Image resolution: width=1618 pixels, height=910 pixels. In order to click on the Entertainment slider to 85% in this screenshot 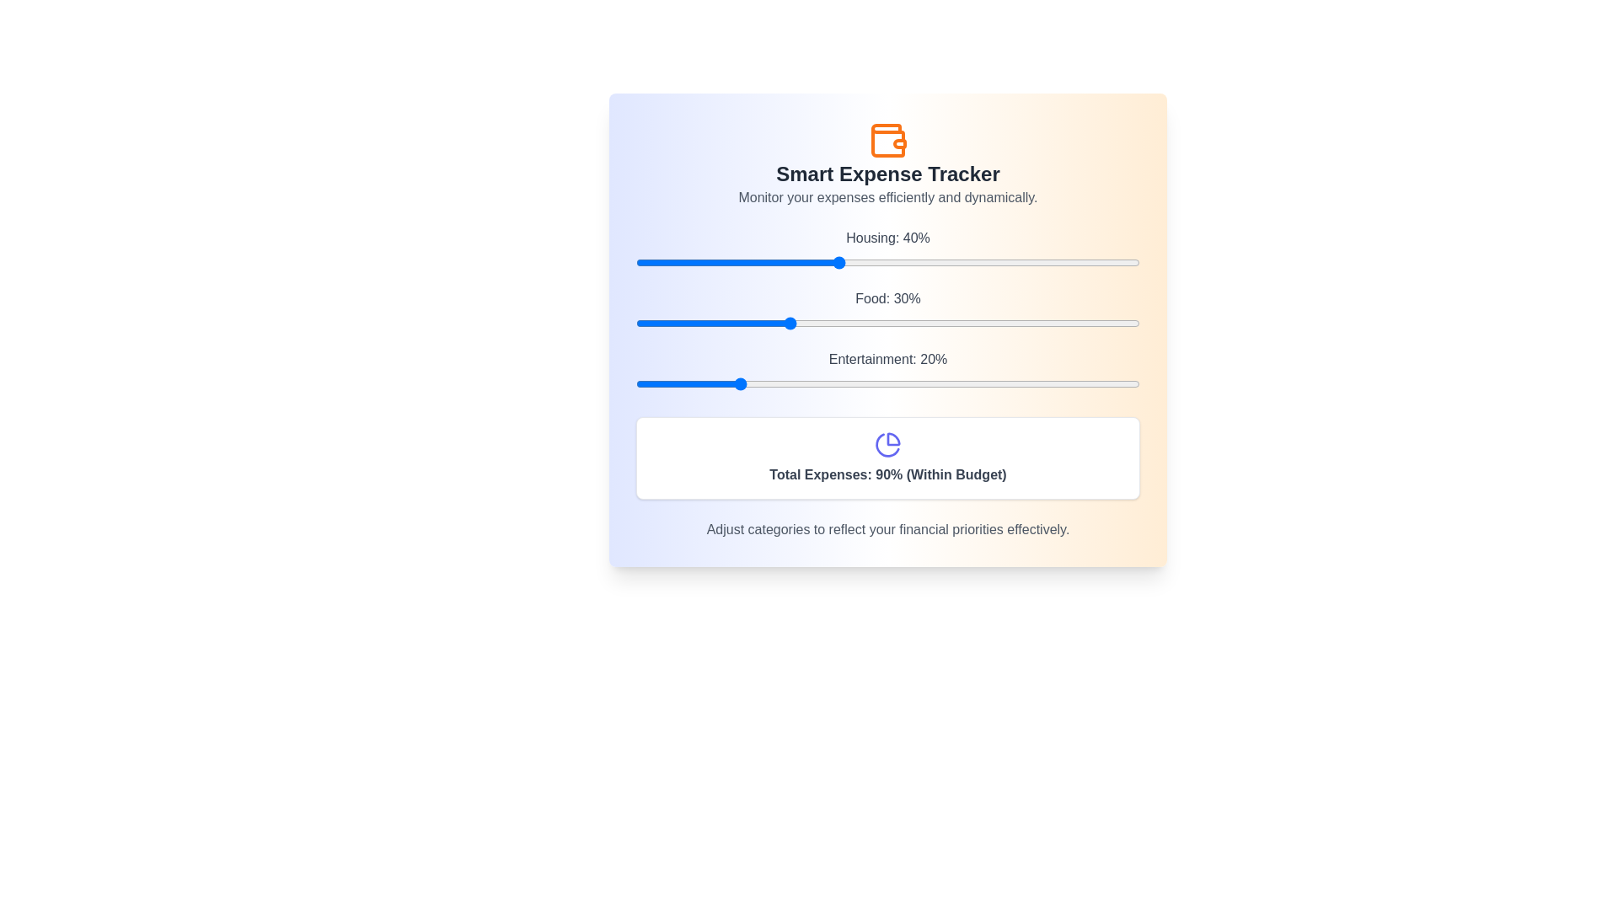, I will do `click(1063, 383)`.